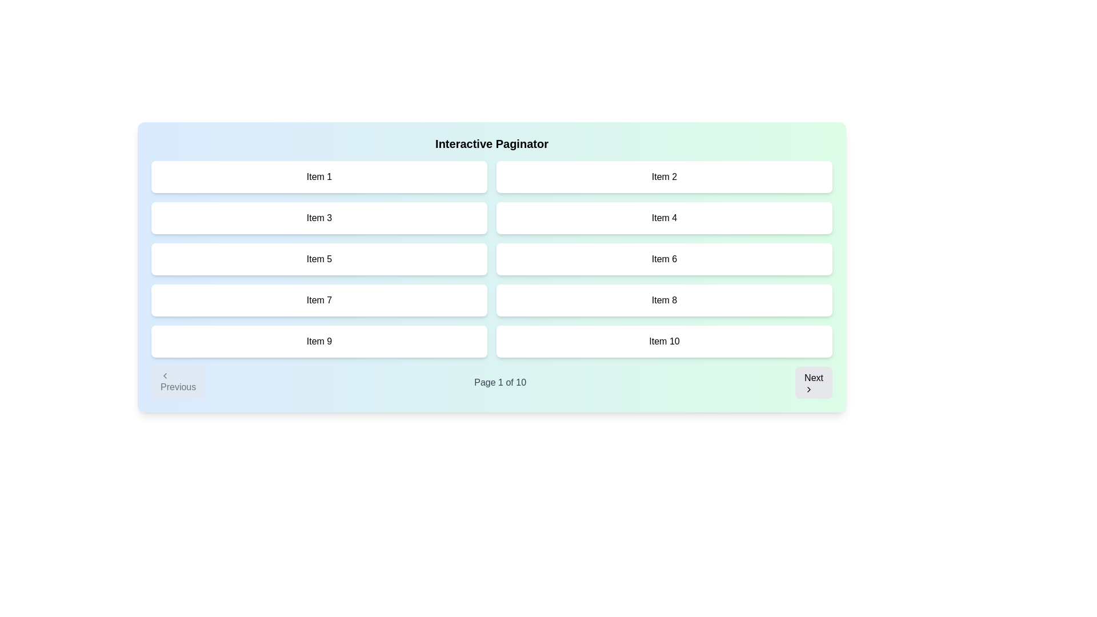  I want to click on the static text label in the fourth row, first column of the grid layout, which serves as an identifier for the associated card, so click(319, 299).